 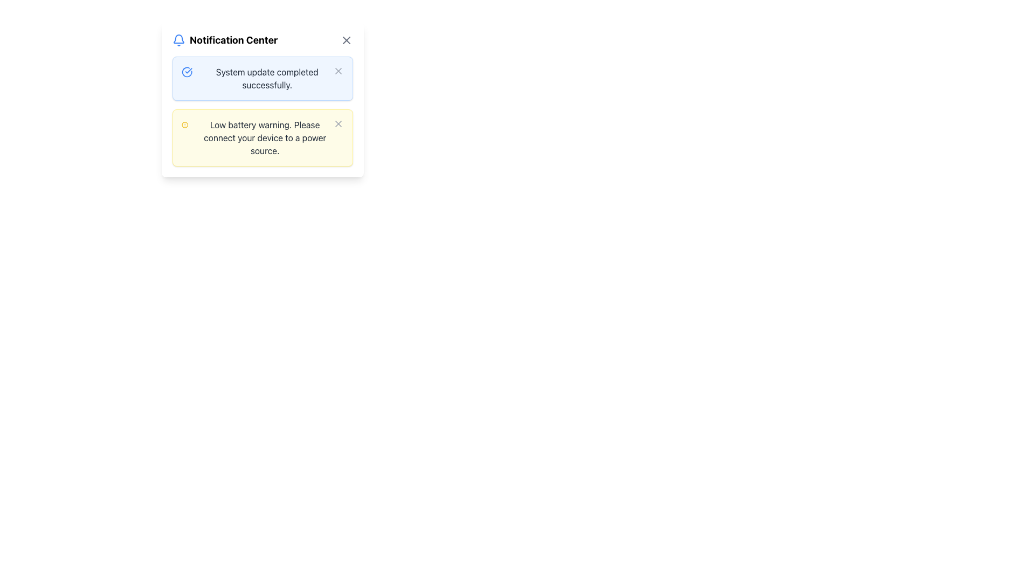 I want to click on the alert icon located to the left of the 'Low battery warning. Please connect your device to a power source.' text in the Notification Center, so click(x=185, y=124).